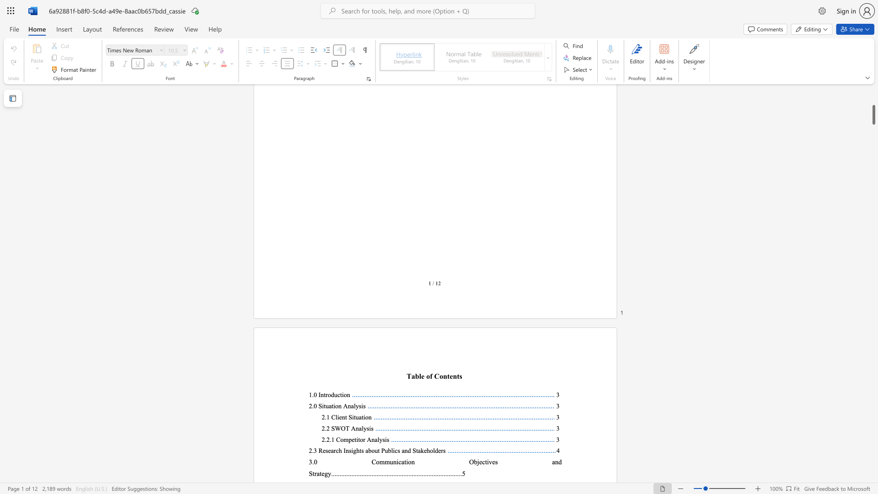 This screenshot has width=878, height=494. What do you see at coordinates (407, 462) in the screenshot?
I see `the 2th character "i" in the text` at bounding box center [407, 462].